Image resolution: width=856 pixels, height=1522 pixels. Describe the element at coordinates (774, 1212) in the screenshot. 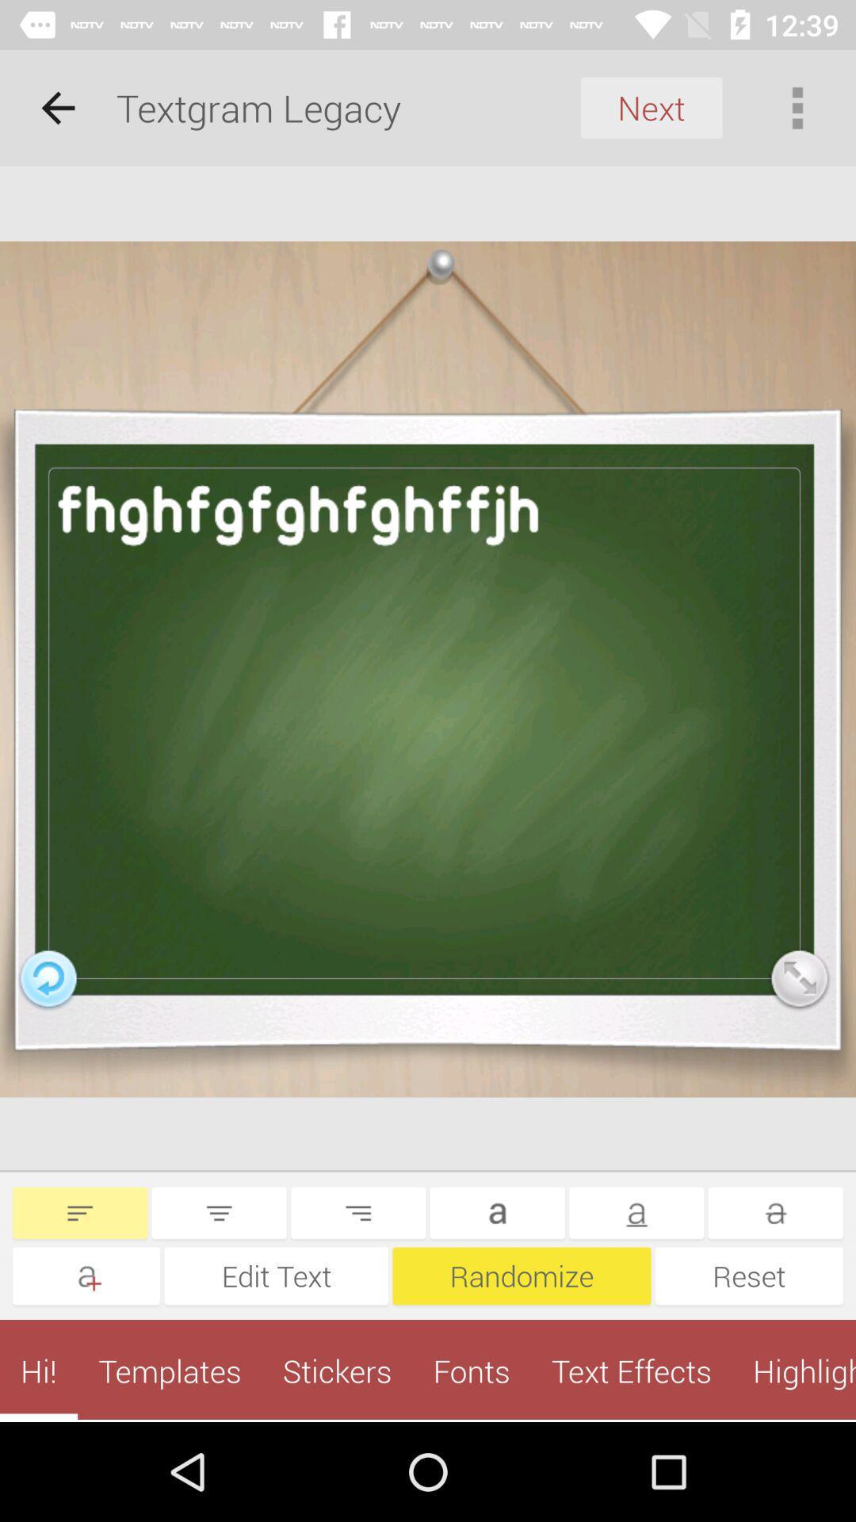

I see `the more icon` at that location.